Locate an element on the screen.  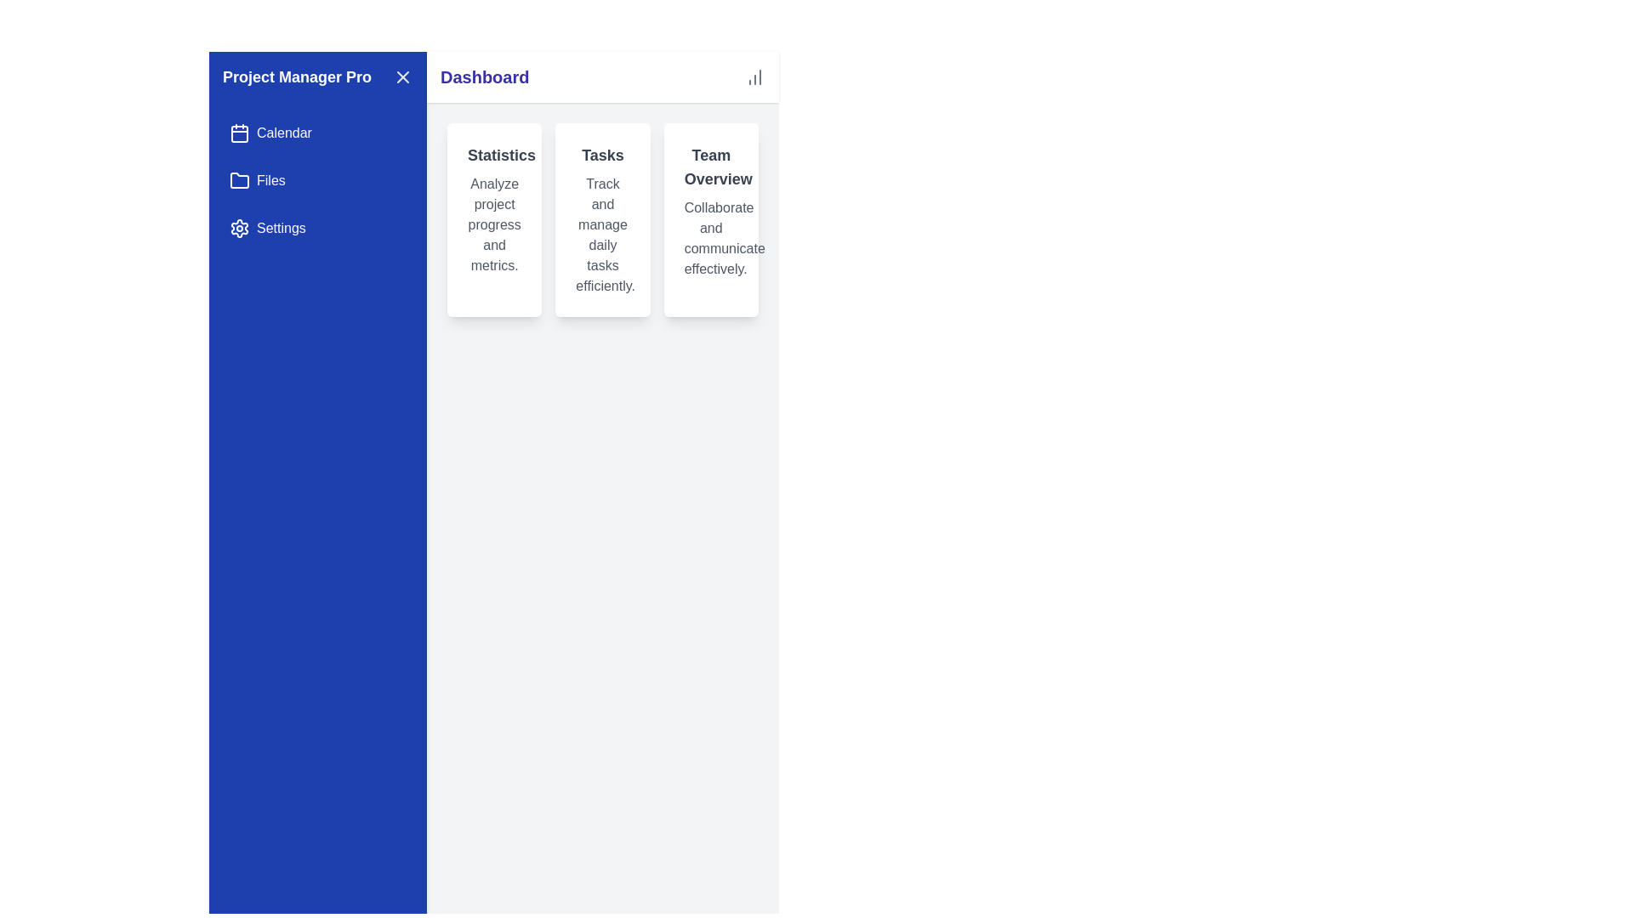
the 'Files' menu item located as the second item in the vertical menu on the left sidebar, positioned below 'Calendar' and above 'Settings' is located at coordinates (318, 180).